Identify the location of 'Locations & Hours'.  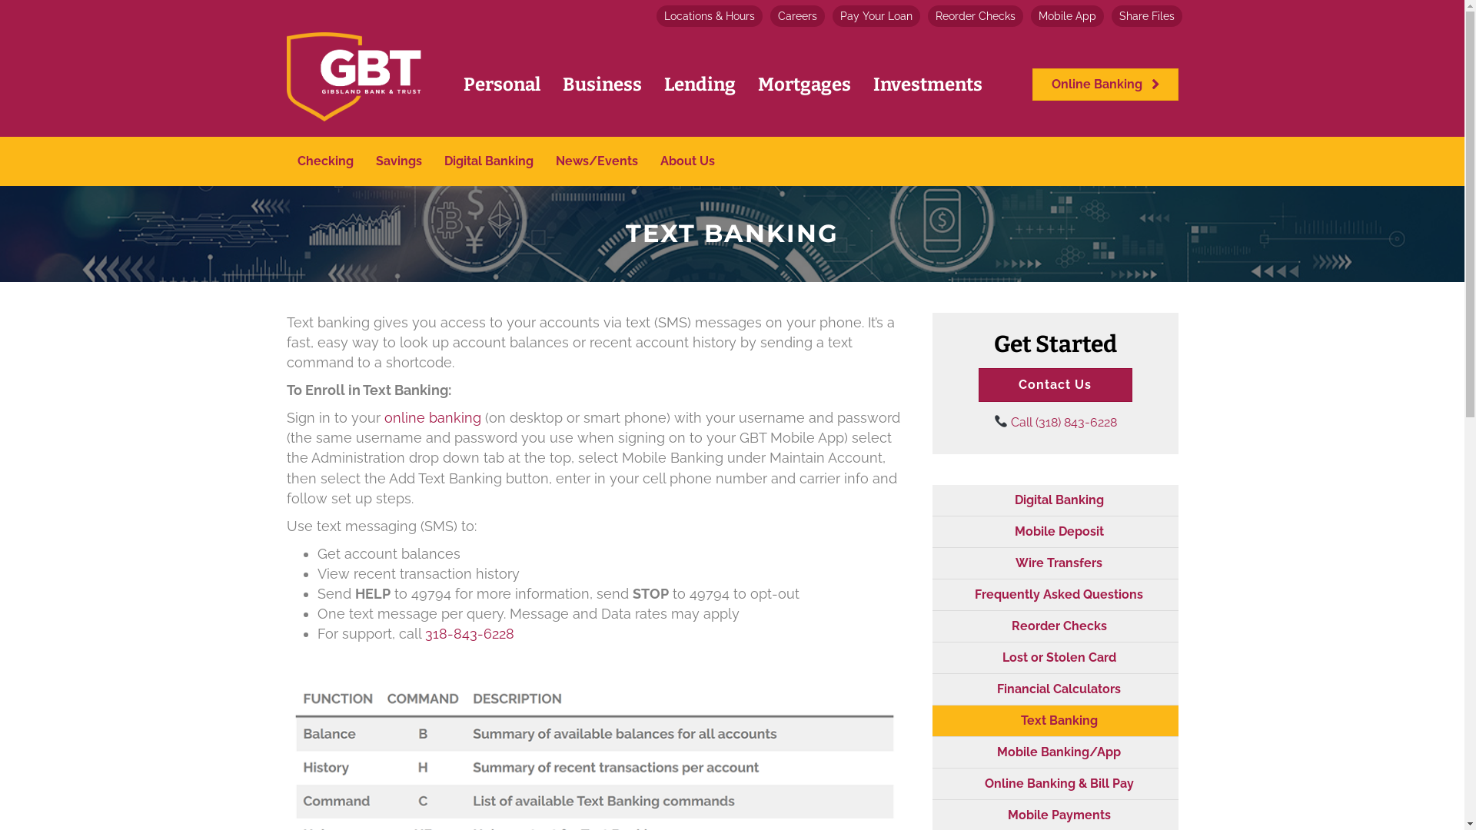
(657, 15).